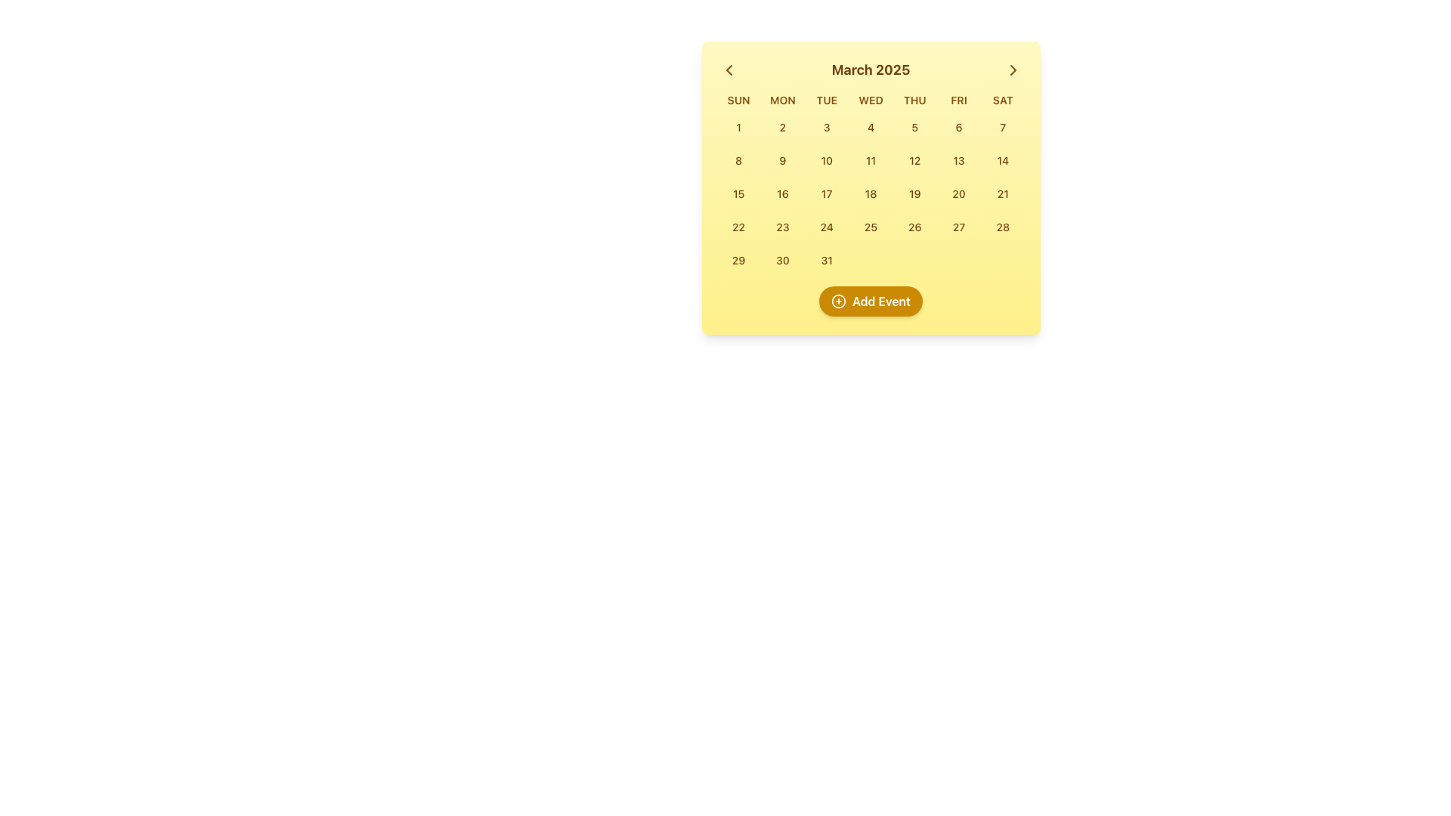  I want to click on the plus icon within the 'Add Event' button located at the bottom section of the calendar panel to initiate the event creation process, so click(837, 301).